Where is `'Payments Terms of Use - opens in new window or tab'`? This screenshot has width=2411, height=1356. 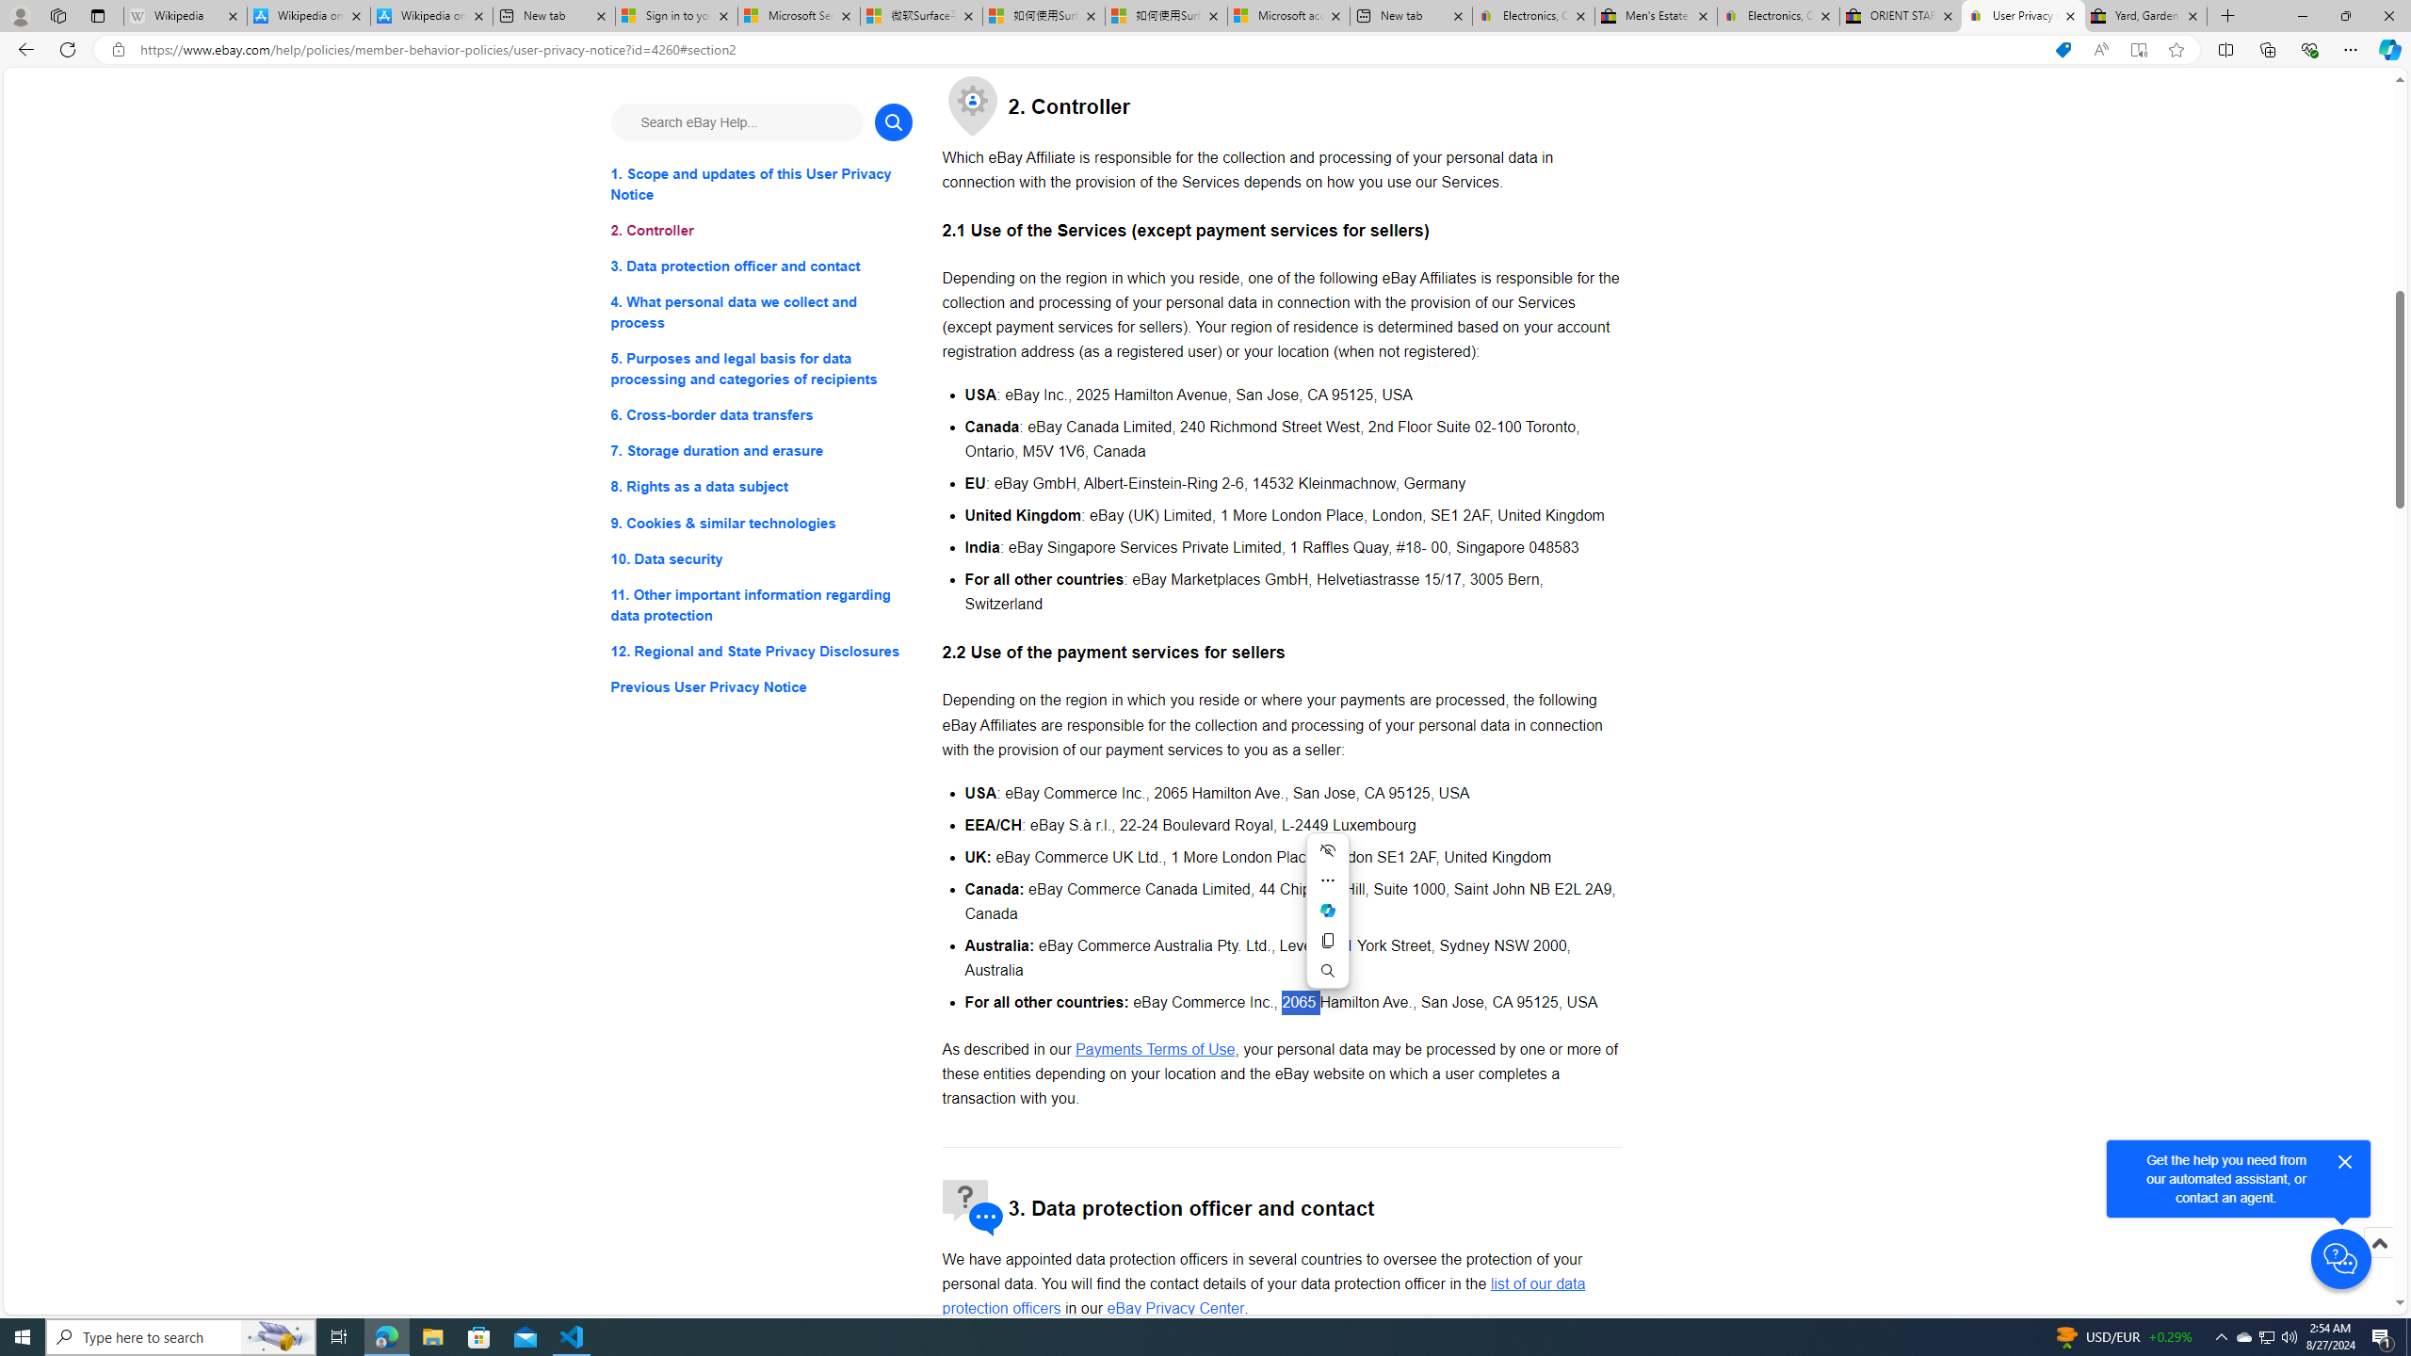 'Payments Terms of Use - opens in new window or tab' is located at coordinates (1155, 1047).